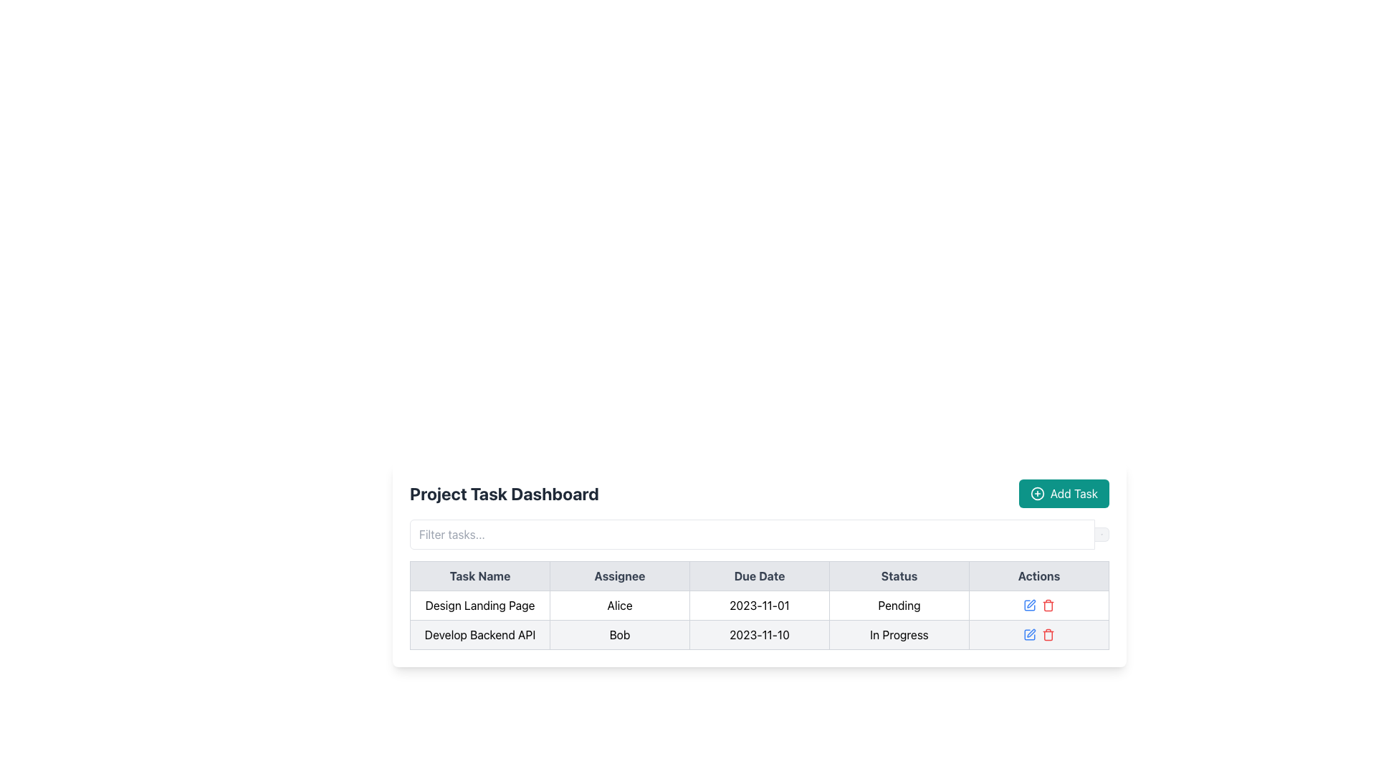 The image size is (1376, 774). What do you see at coordinates (619, 634) in the screenshot?
I see `text content from the table cell containing 'Bob' in the second cell of the second row under the 'Assignee' column` at bounding box center [619, 634].